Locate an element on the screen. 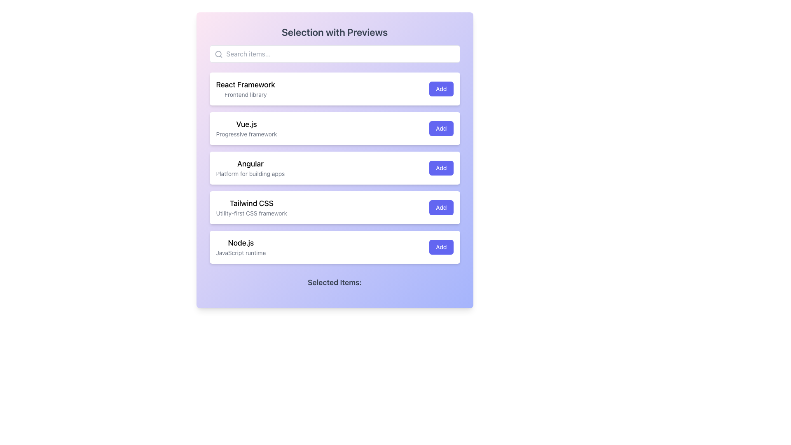  the descriptive text label located beneath the 'React Framework' entry in the list-like interface is located at coordinates (245, 94).